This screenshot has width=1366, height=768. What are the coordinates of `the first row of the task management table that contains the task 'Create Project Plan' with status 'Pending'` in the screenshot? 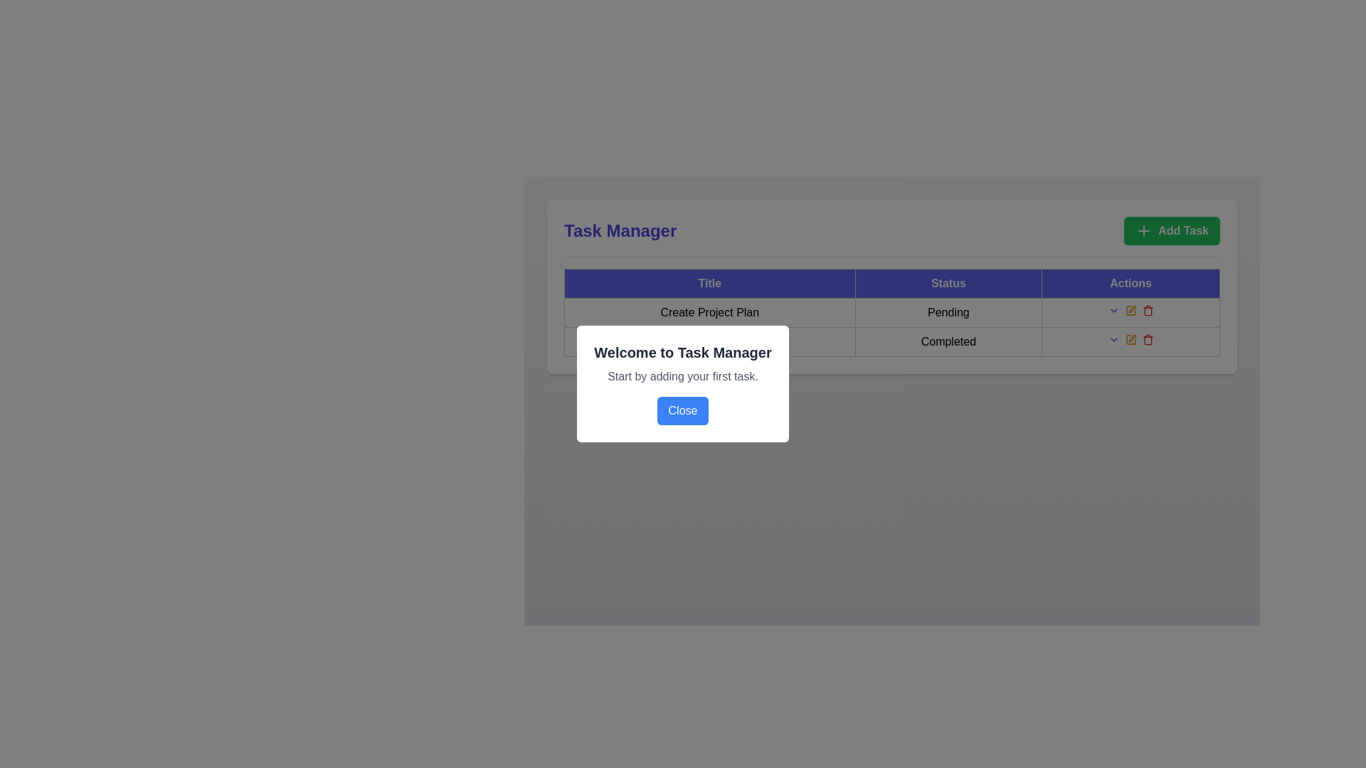 It's located at (891, 311).